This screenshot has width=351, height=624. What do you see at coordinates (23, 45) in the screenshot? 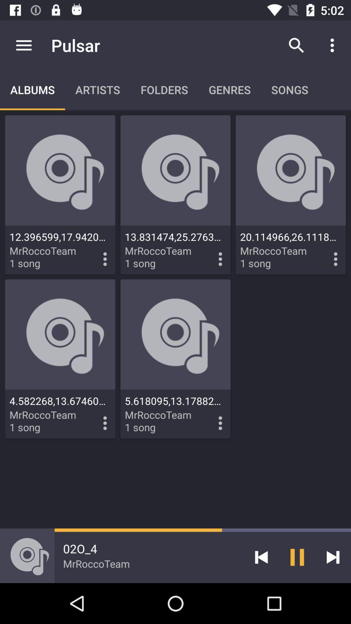
I see `item above albums icon` at bounding box center [23, 45].